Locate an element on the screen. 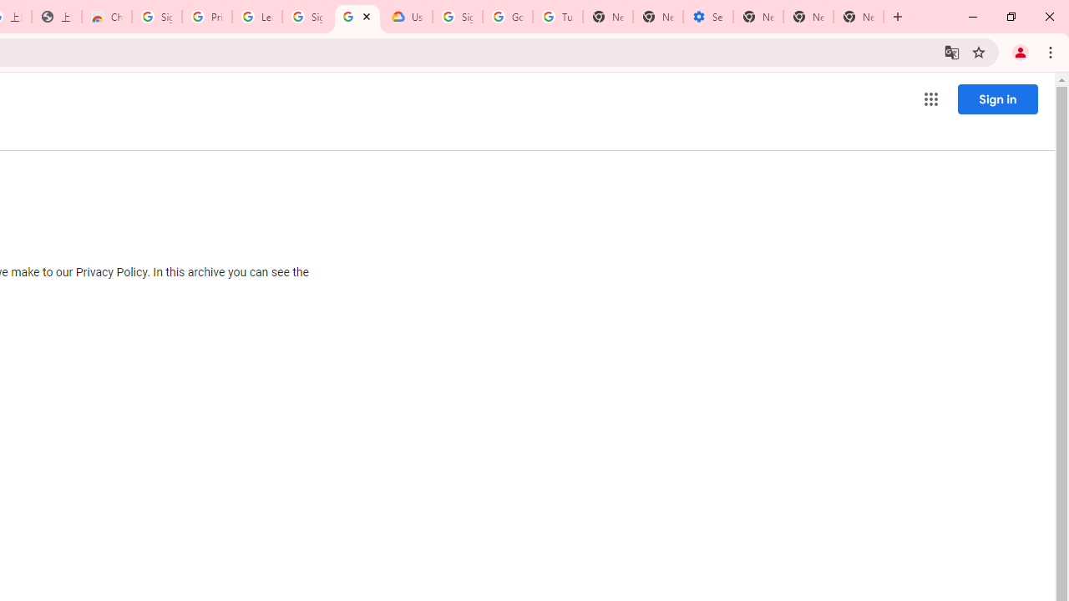  'Turn cookies on or off - Computer - Google Account Help' is located at coordinates (557, 17).